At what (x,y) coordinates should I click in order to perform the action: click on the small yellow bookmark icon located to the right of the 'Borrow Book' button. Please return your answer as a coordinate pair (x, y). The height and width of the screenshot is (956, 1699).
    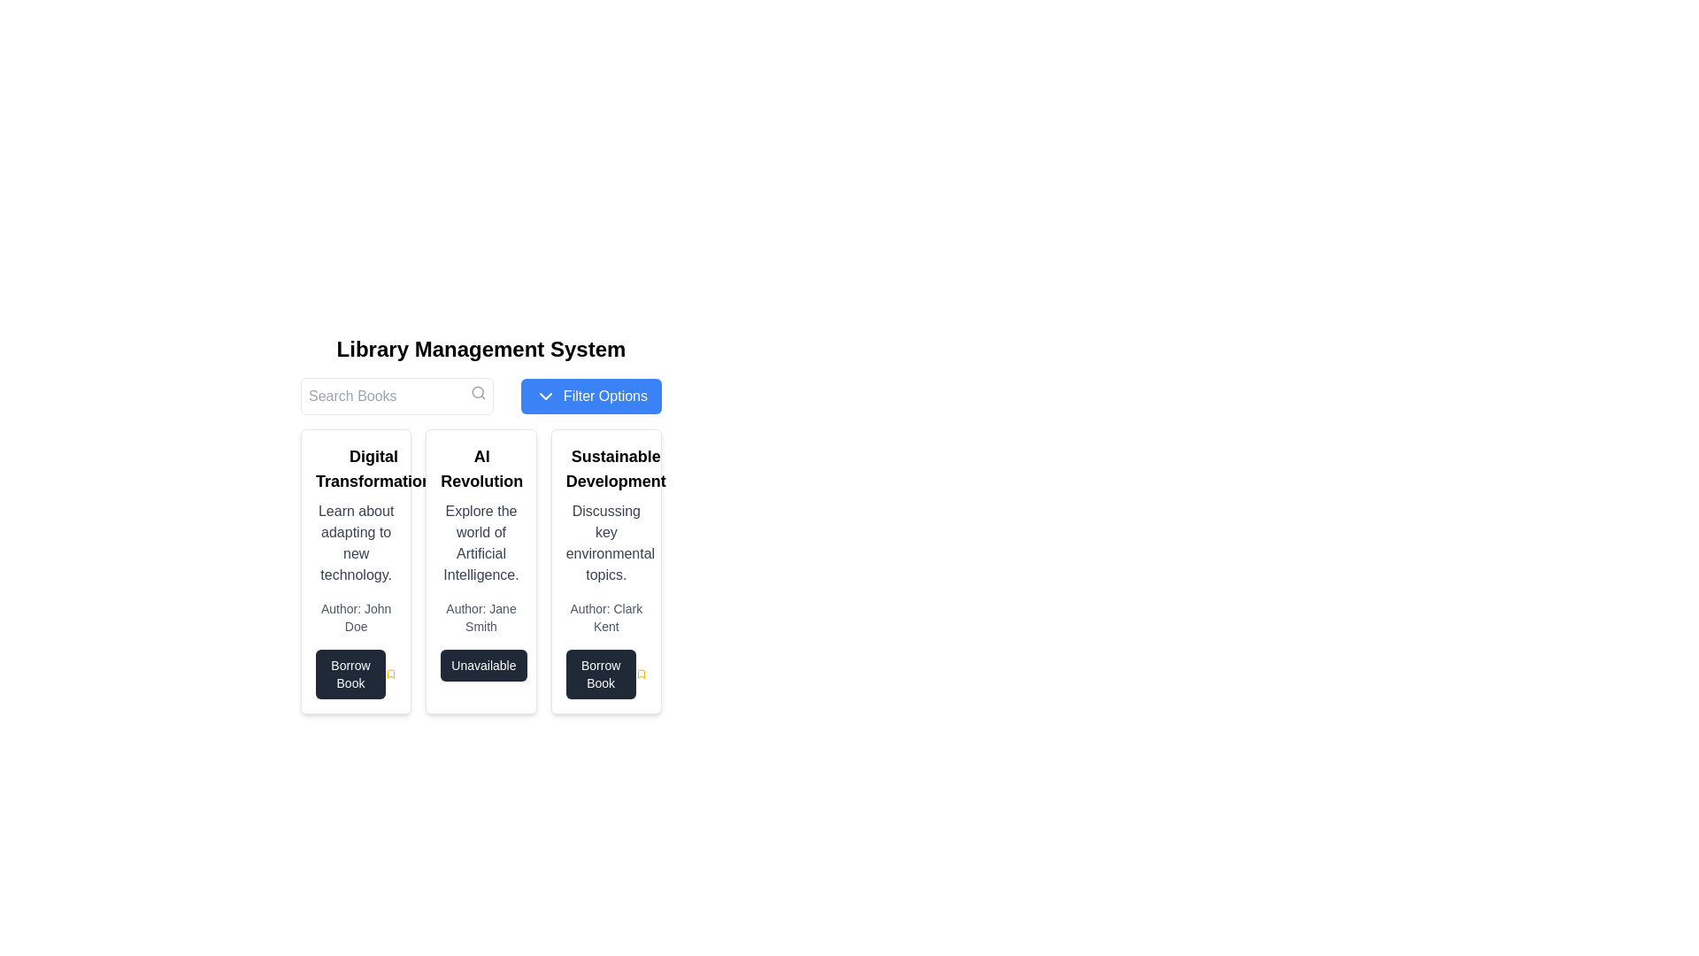
    Looking at the image, I should click on (640, 675).